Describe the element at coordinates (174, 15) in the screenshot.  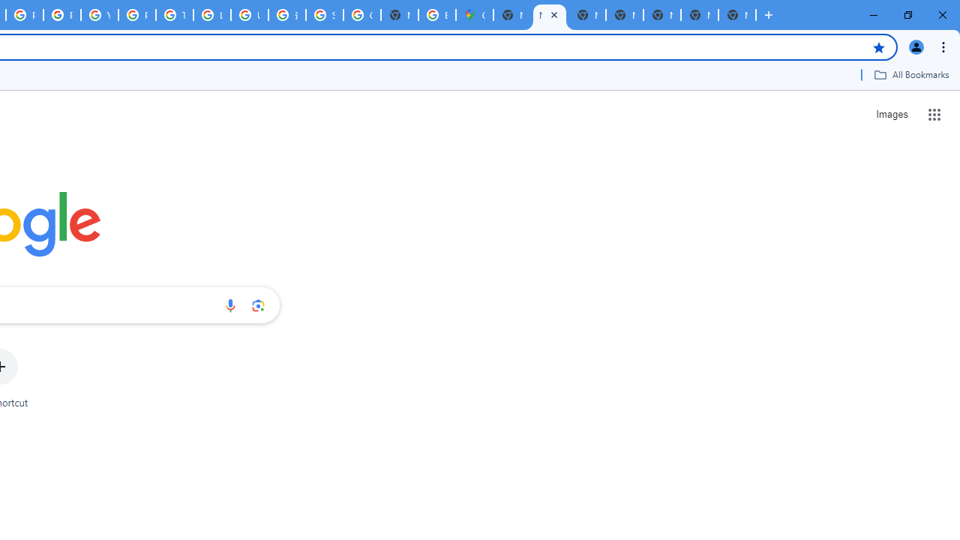
I see `'Tips & tricks for Chrome - Google Chrome Help'` at that location.